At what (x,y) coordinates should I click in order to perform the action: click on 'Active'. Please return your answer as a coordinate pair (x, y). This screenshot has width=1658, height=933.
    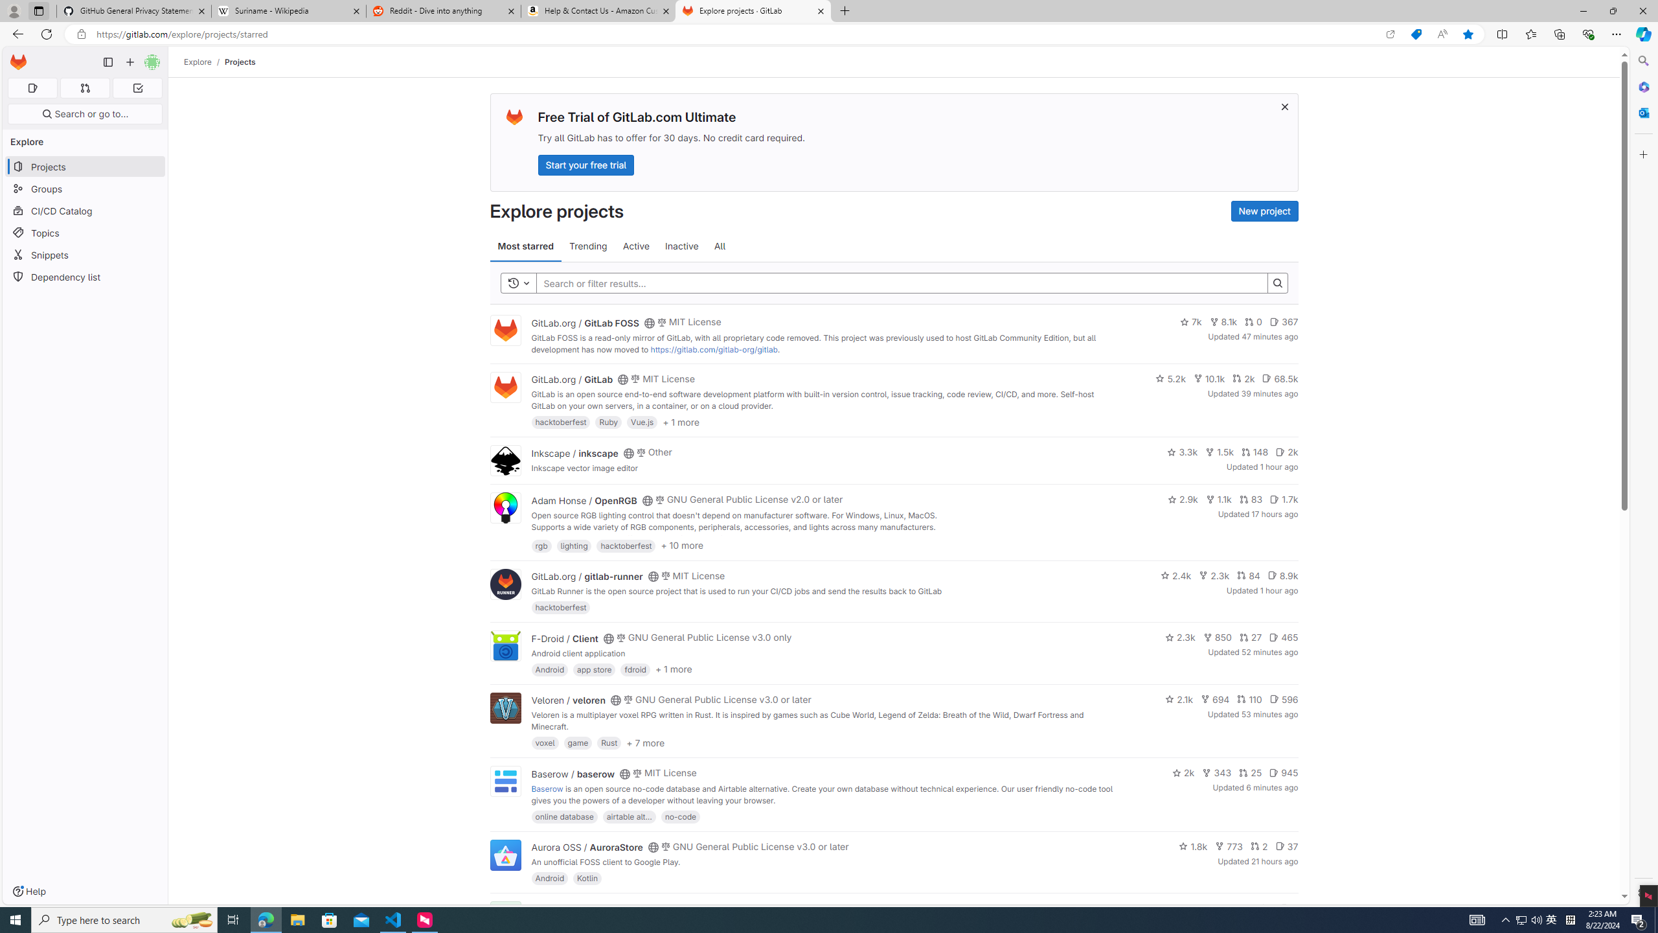
    Looking at the image, I should click on (636, 246).